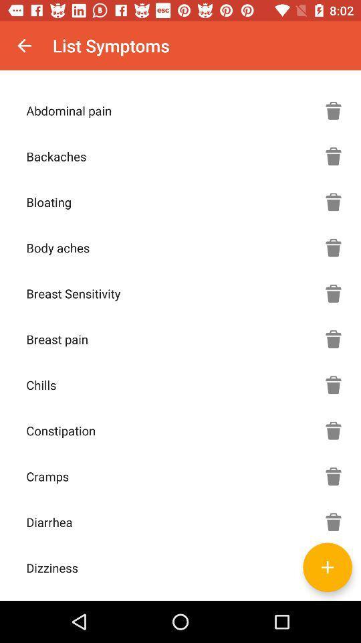 This screenshot has width=361, height=643. I want to click on dizziness, so click(327, 567).